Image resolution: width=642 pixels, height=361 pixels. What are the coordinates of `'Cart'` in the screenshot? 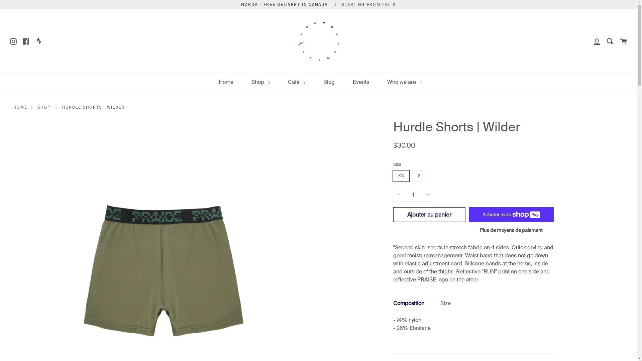 It's located at (623, 41).